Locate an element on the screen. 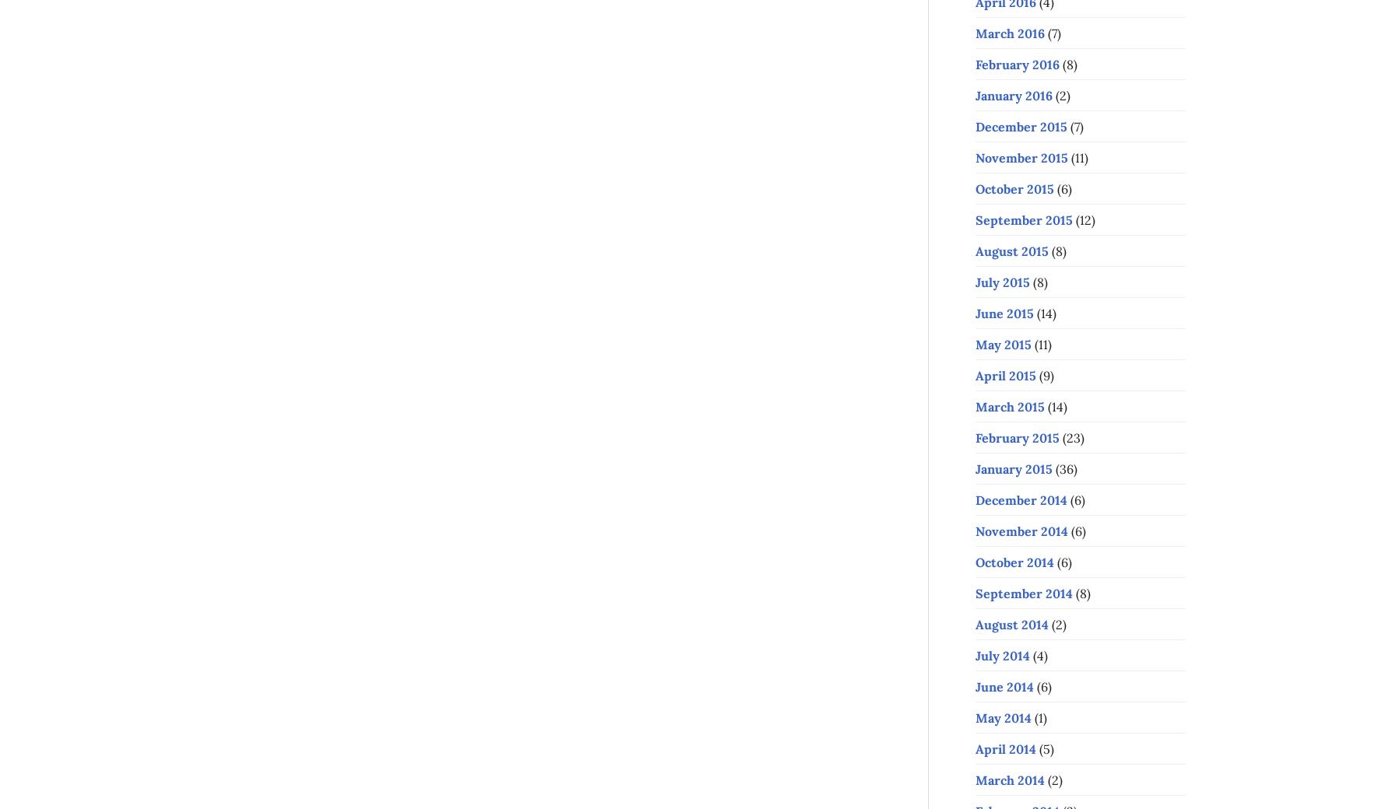  'March 2016' is located at coordinates (1009, 32).